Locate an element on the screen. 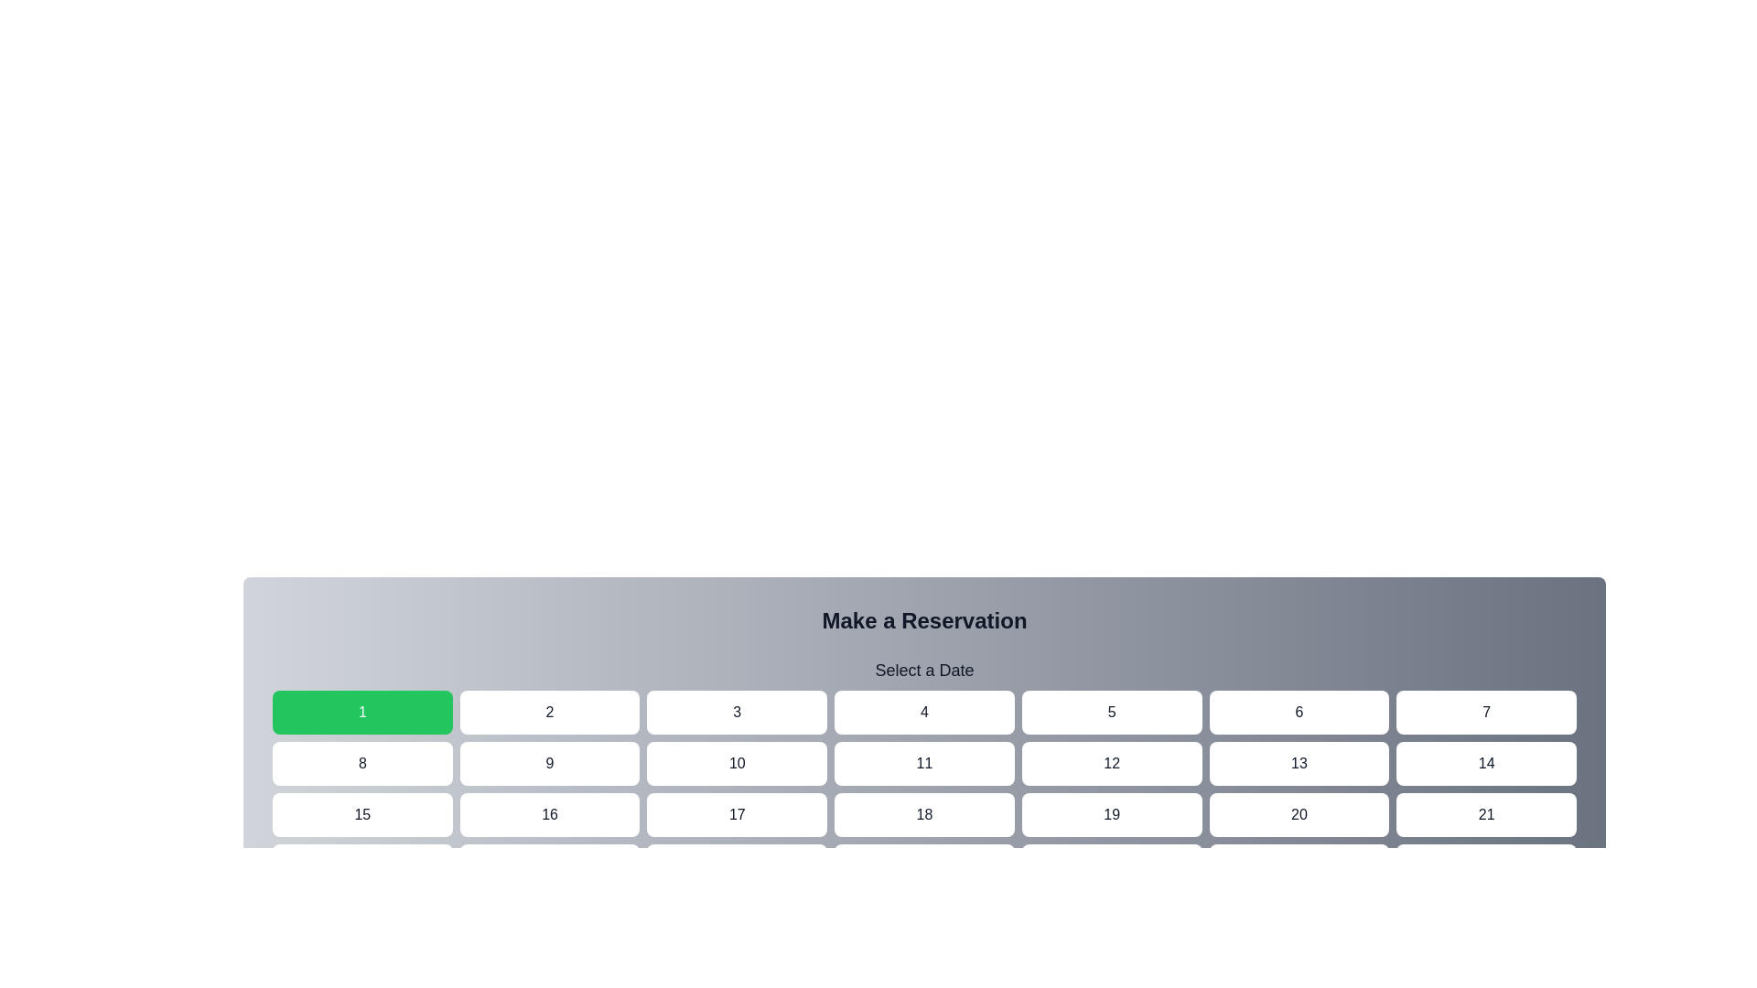 Image resolution: width=1757 pixels, height=988 pixels. the rectangular button with rounded corners labeled '12', located in the second row, fifth column of the grid below 'Make a Reservation' and 'Select a Date' is located at coordinates (1111, 763).